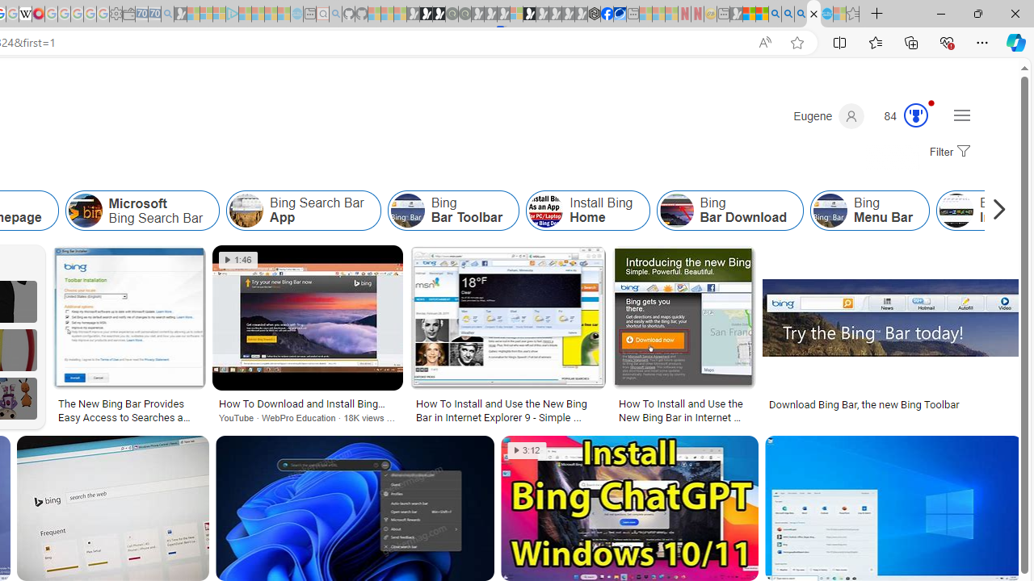  I want to click on 'Install Bing Home', so click(586, 210).